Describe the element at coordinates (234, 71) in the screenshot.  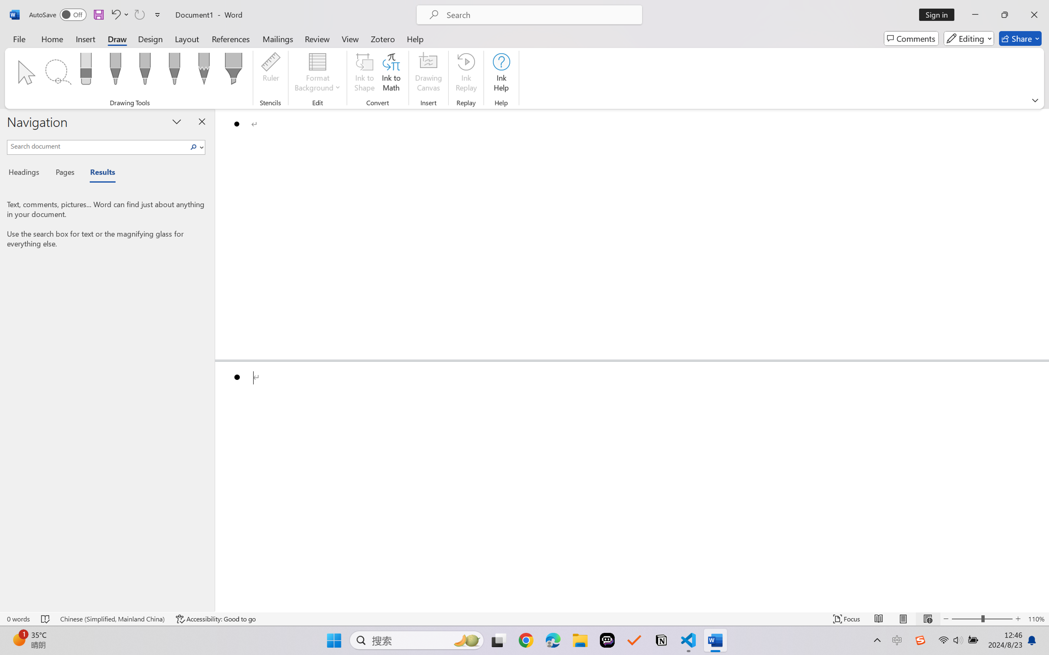
I see `'Highlighter: Yellow, 6 mm'` at that location.